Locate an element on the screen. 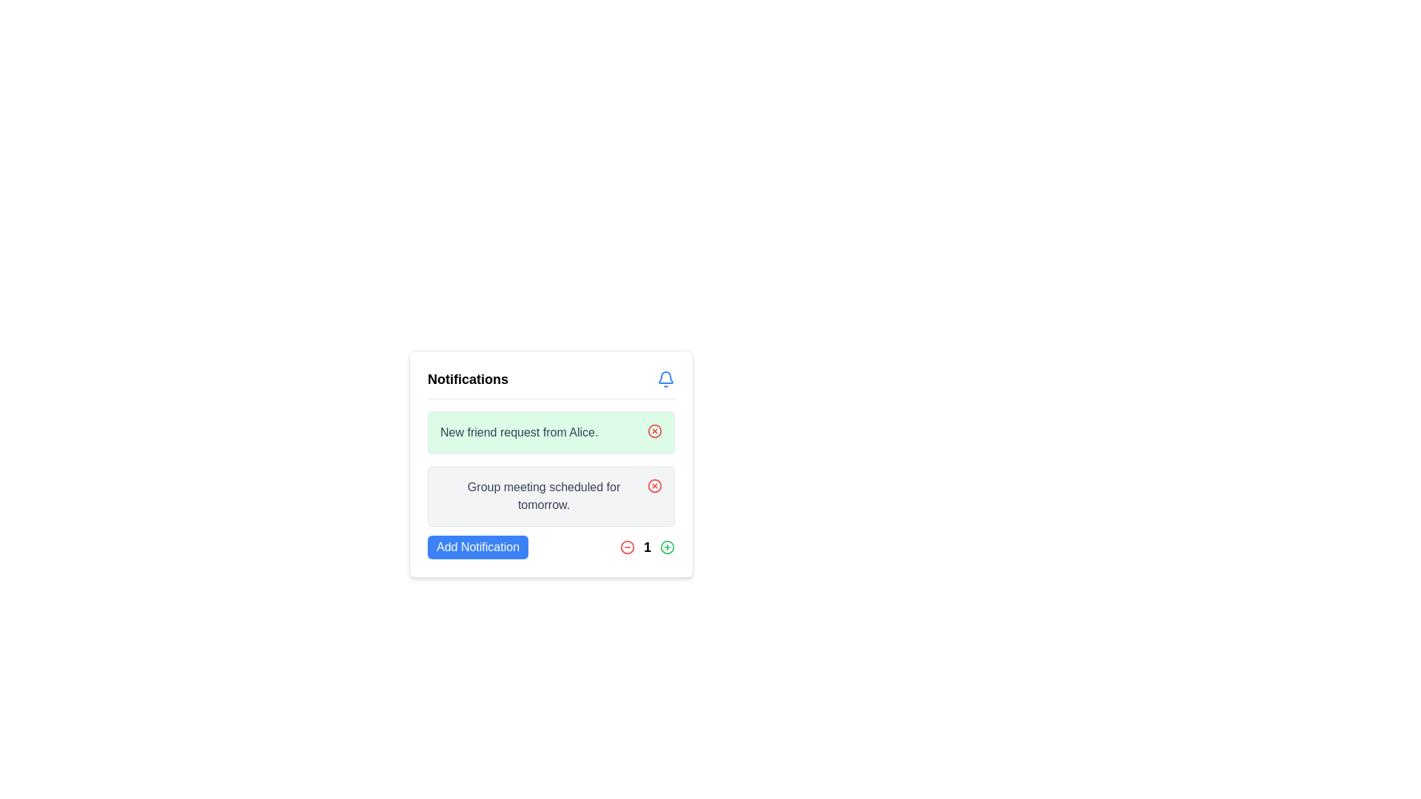 The width and height of the screenshot is (1421, 799). the red circular icon inside the minus symbol, which indicates an alert status is located at coordinates (628, 547).